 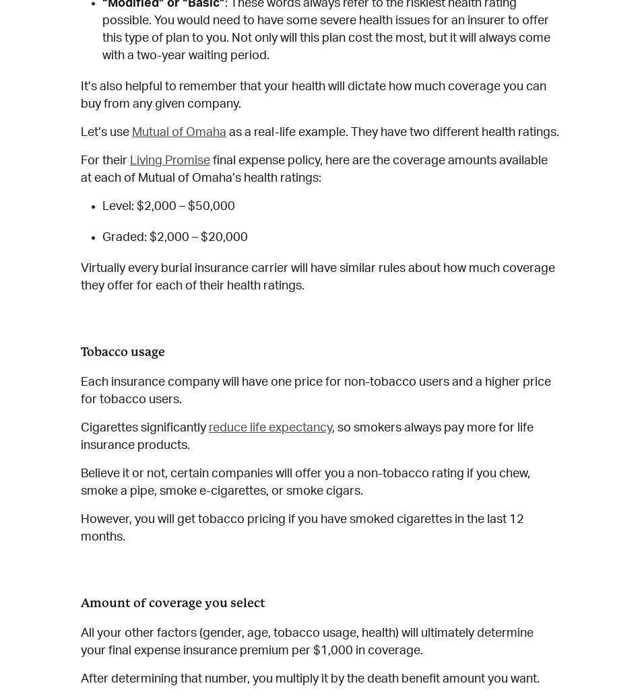 I want to click on 'Level: $2,000 – $50,000', so click(x=168, y=205).